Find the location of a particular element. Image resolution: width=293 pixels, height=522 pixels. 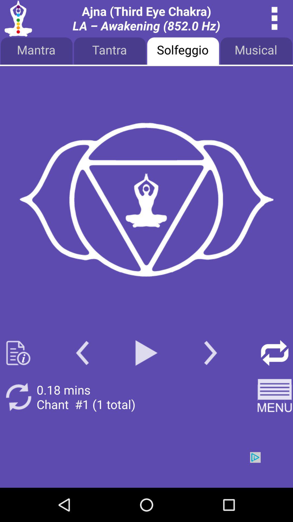

back page is located at coordinates (82, 353).